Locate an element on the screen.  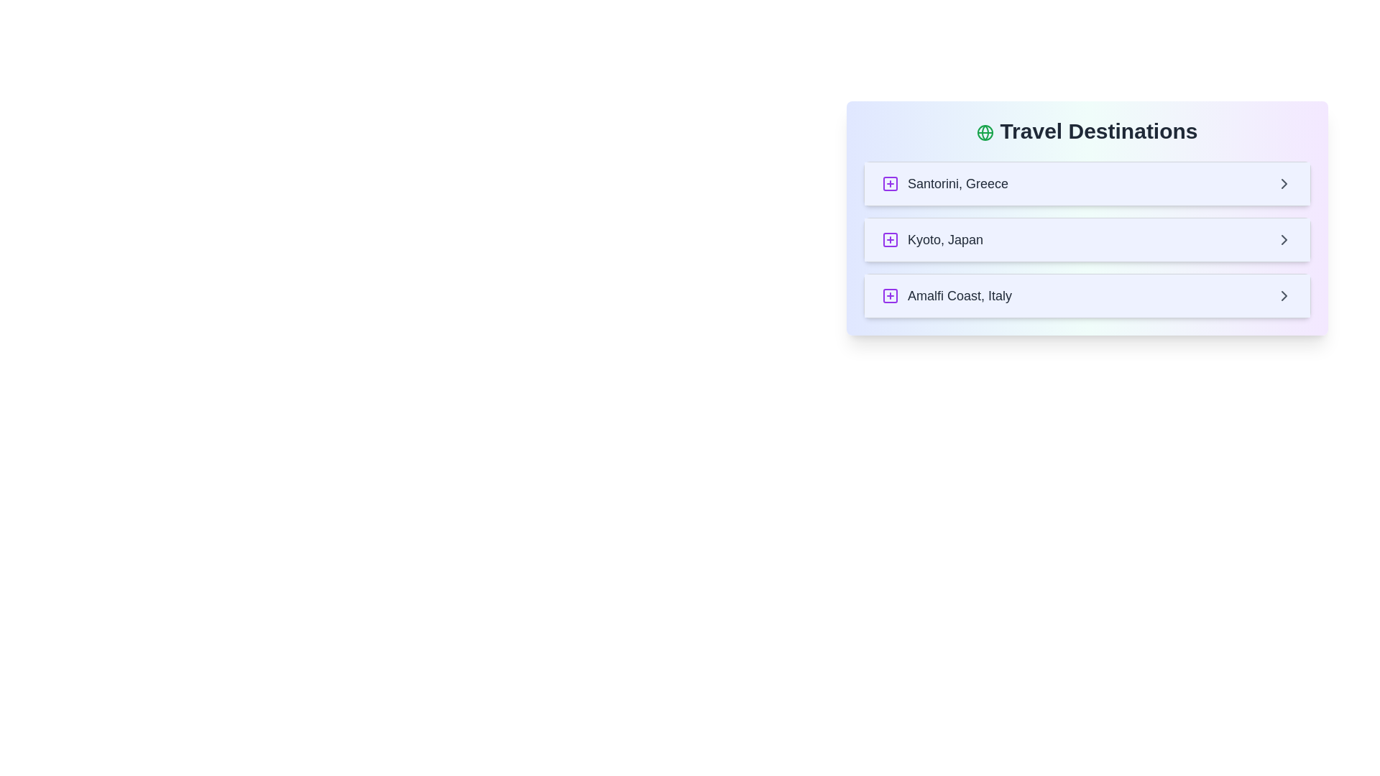
the chevron indicator located in the third row, right-aligned next to 'Amalfi Coast, Italy' is located at coordinates (1284, 295).